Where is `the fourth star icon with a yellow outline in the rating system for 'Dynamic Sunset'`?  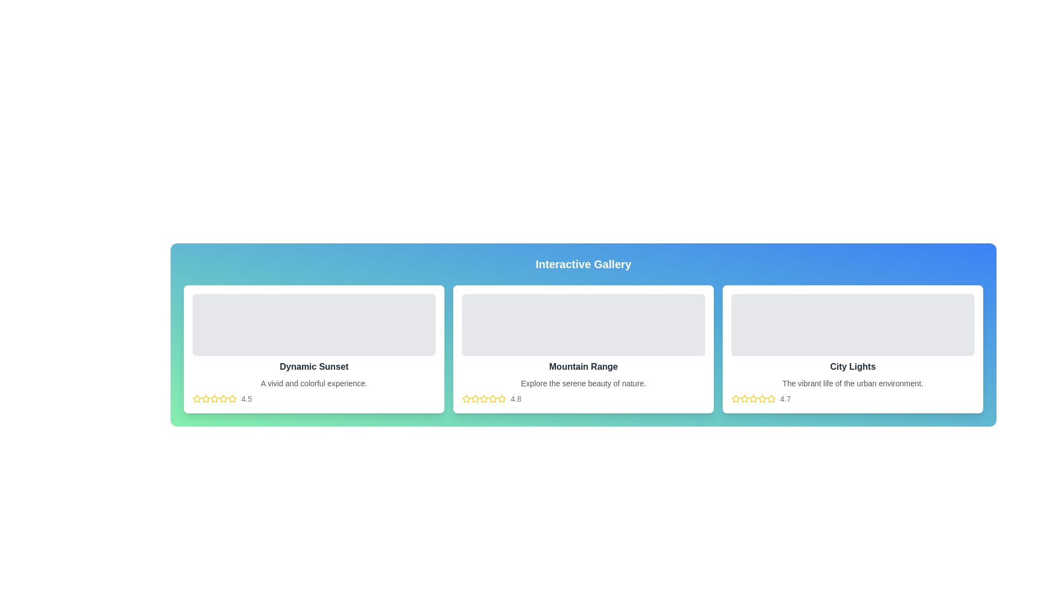
the fourth star icon with a yellow outline in the rating system for 'Dynamic Sunset' is located at coordinates (214, 398).